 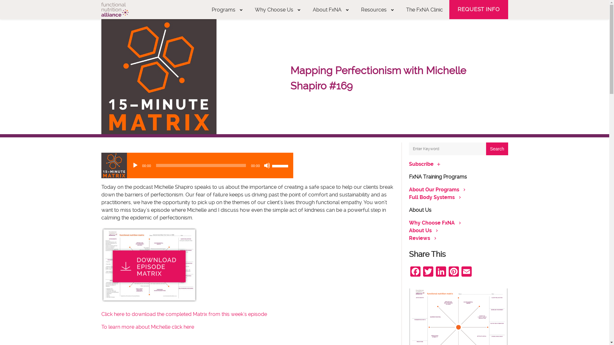 What do you see at coordinates (227, 10) in the screenshot?
I see `'Programs'` at bounding box center [227, 10].